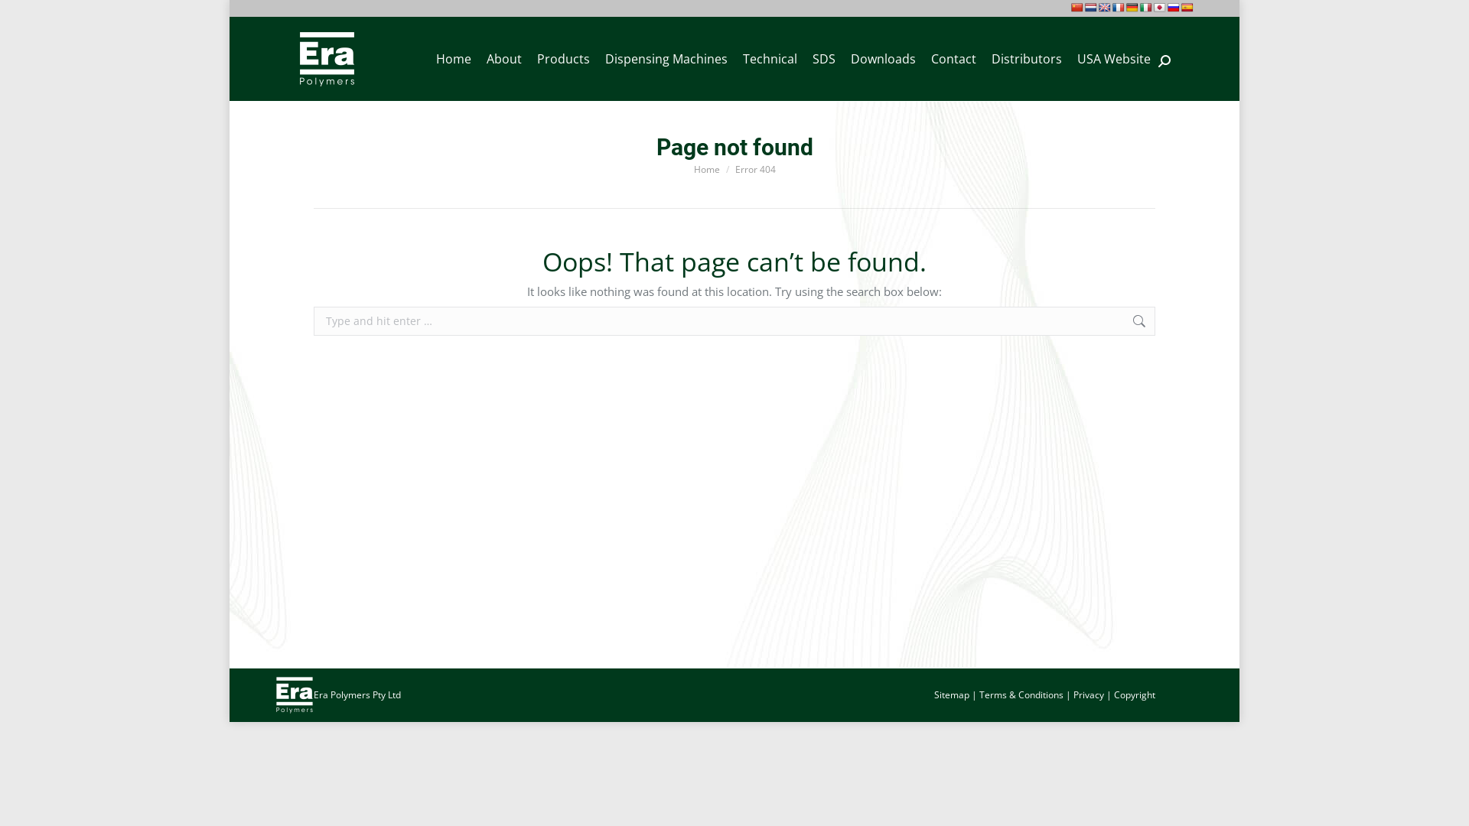  I want to click on 'Privacy', so click(1087, 694).